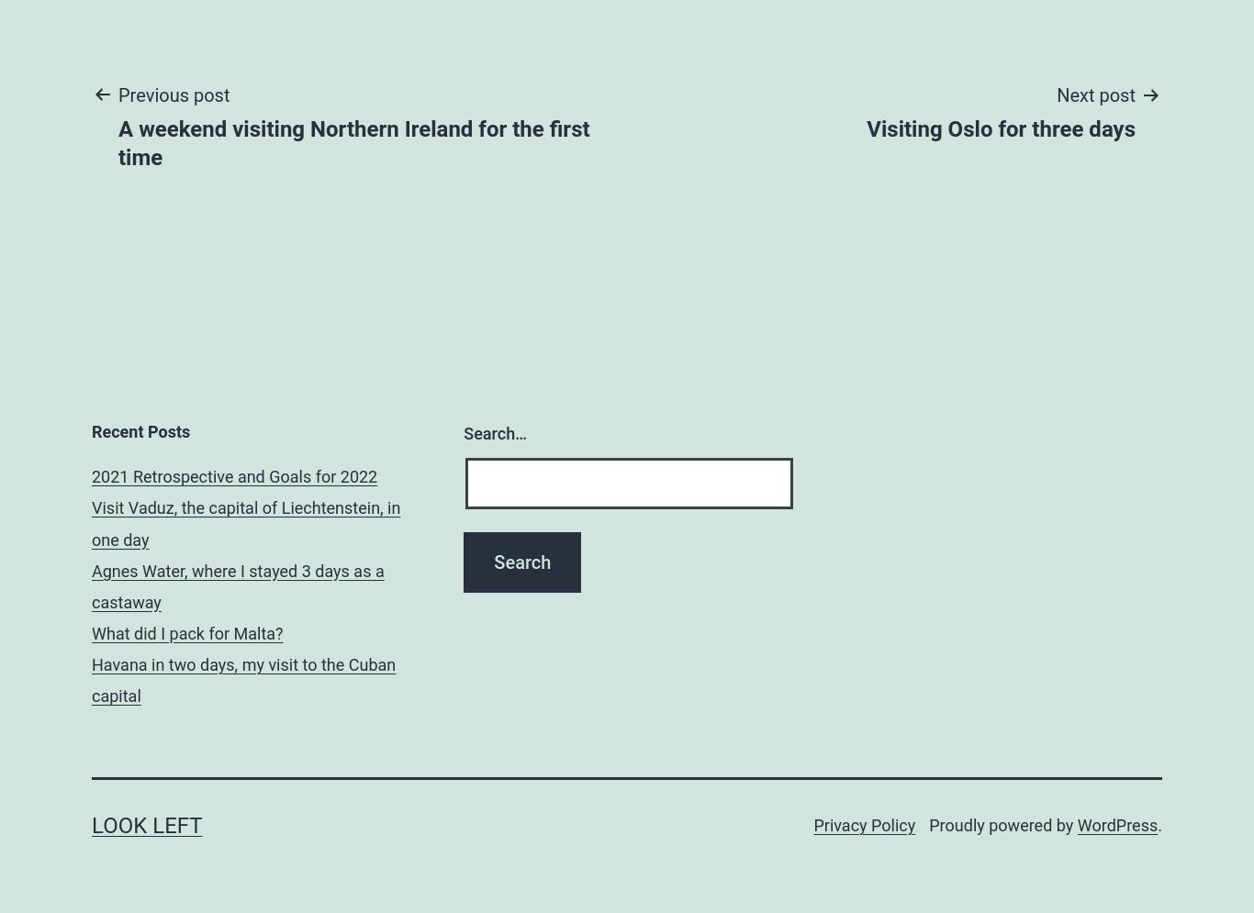 The width and height of the screenshot is (1254, 913). I want to click on 'Privacy Policy', so click(864, 823).